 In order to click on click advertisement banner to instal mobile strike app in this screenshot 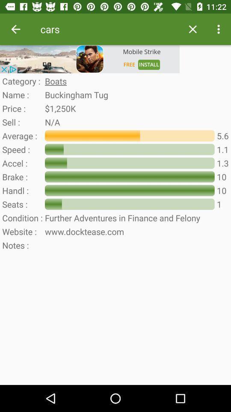, I will do `click(89, 58)`.